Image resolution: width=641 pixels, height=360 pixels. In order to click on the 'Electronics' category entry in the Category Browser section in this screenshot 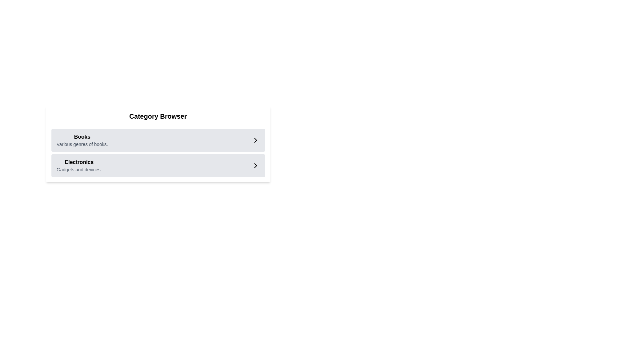, I will do `click(79, 165)`.